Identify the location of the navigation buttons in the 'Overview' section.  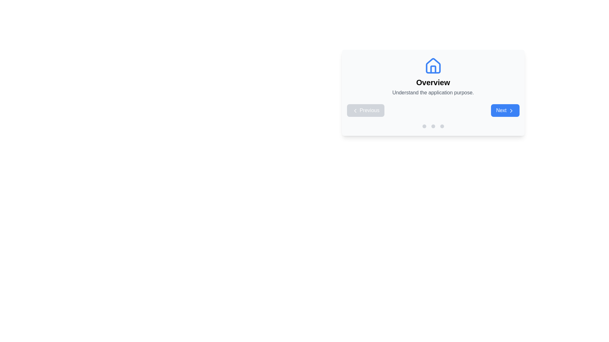
(433, 110).